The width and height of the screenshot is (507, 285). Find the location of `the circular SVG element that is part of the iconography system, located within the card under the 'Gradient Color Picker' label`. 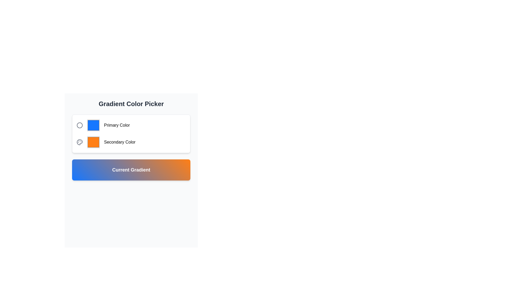

the circular SVG element that is part of the iconography system, located within the card under the 'Gradient Color Picker' label is located at coordinates (79, 125).